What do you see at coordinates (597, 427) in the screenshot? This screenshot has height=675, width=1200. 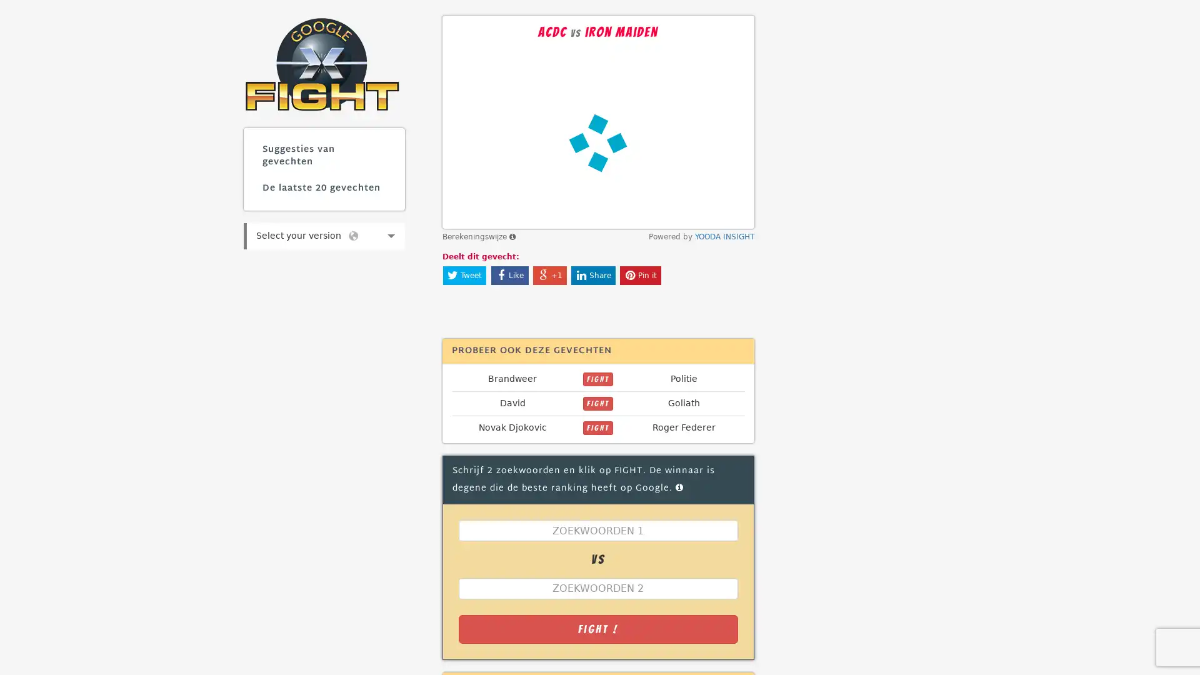 I see `FIGHT` at bounding box center [597, 427].